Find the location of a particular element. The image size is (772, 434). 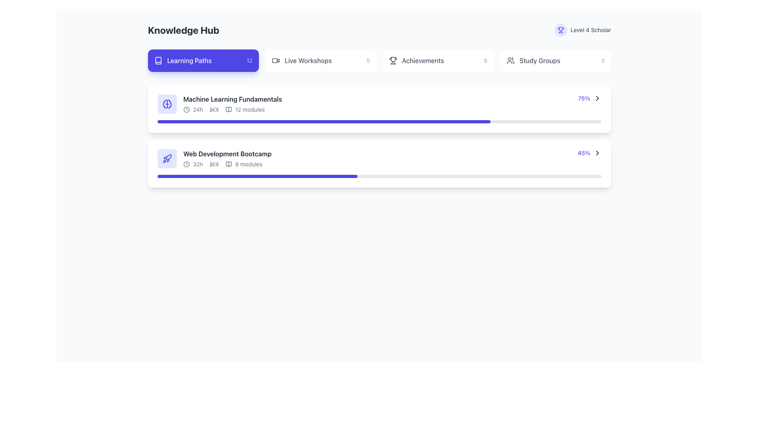

the 'Learning Paths' button, which has an indigo background, white text, a book icon on the left, and the number '12' on the right, to possibly see a visual indicator of interactivity is located at coordinates (203, 60).